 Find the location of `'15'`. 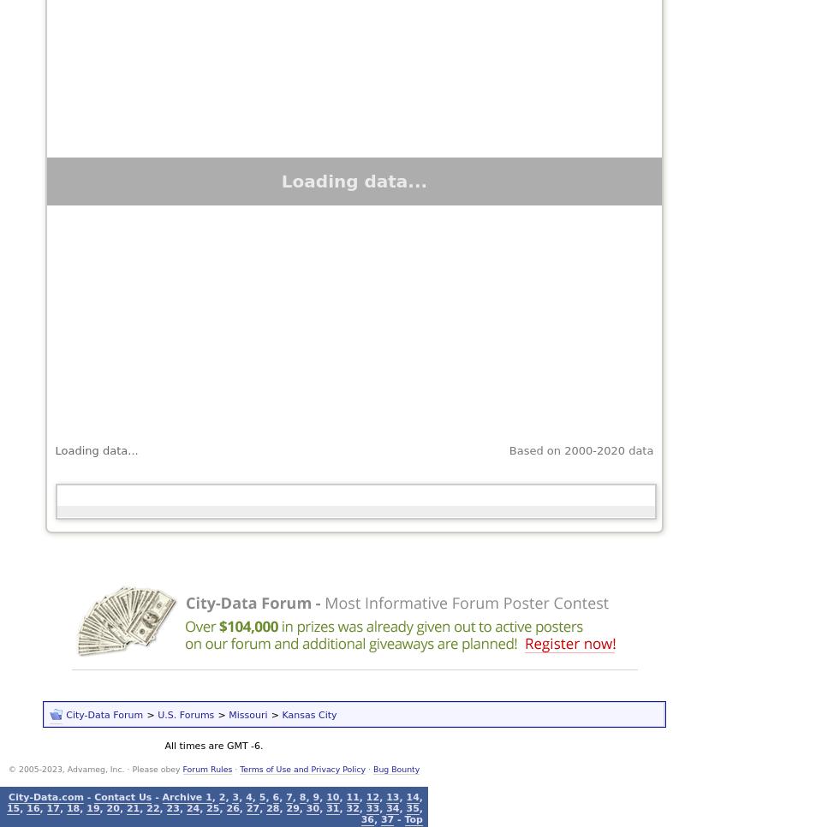

'15' is located at coordinates (4, 807).